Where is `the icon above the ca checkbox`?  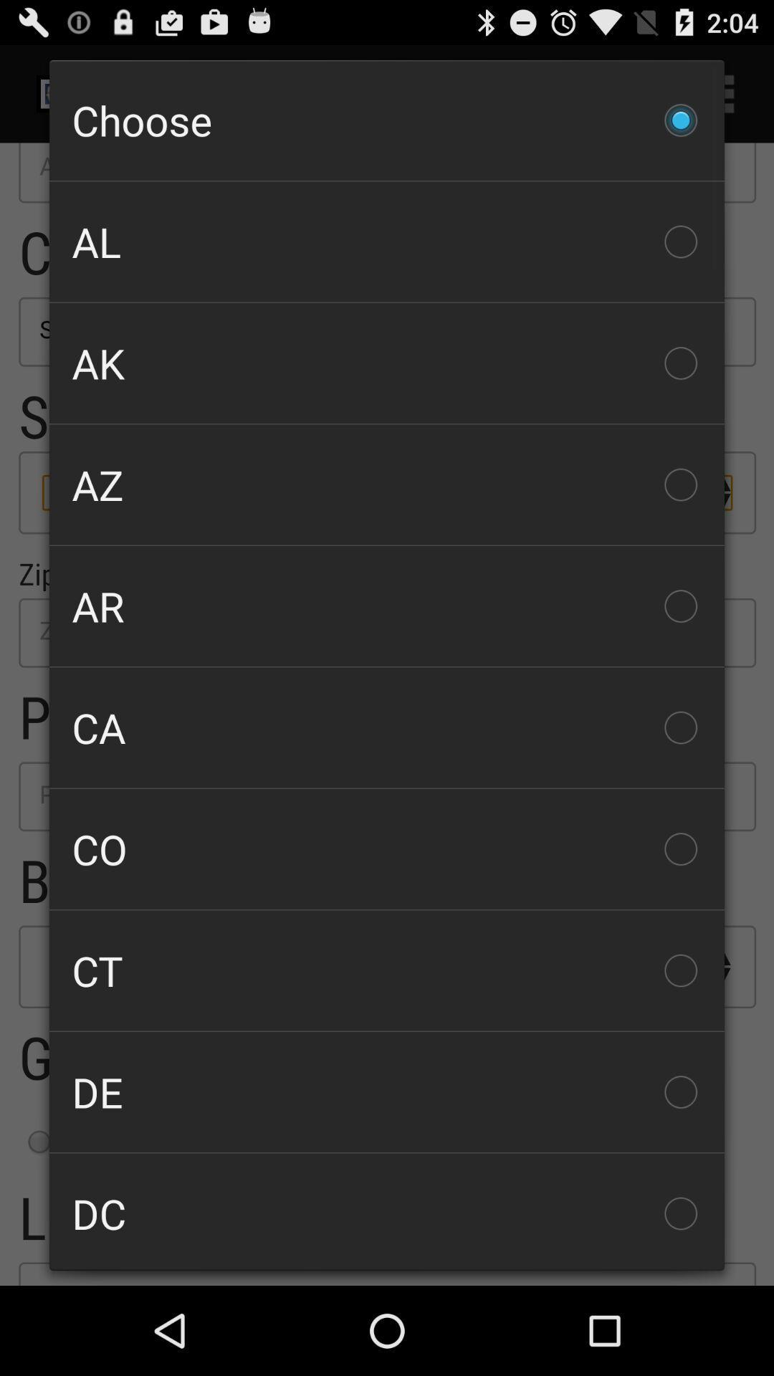
the icon above the ca checkbox is located at coordinates (387, 606).